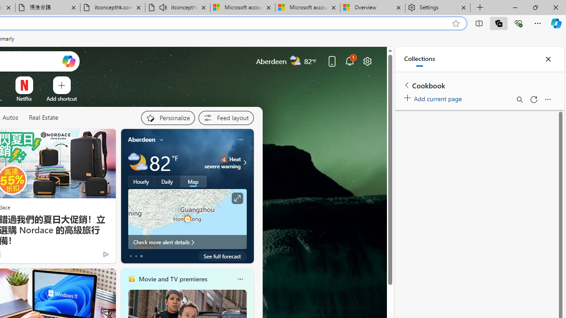 Image resolution: width=566 pixels, height=318 pixels. I want to click on 'Mute tab', so click(163, 7).